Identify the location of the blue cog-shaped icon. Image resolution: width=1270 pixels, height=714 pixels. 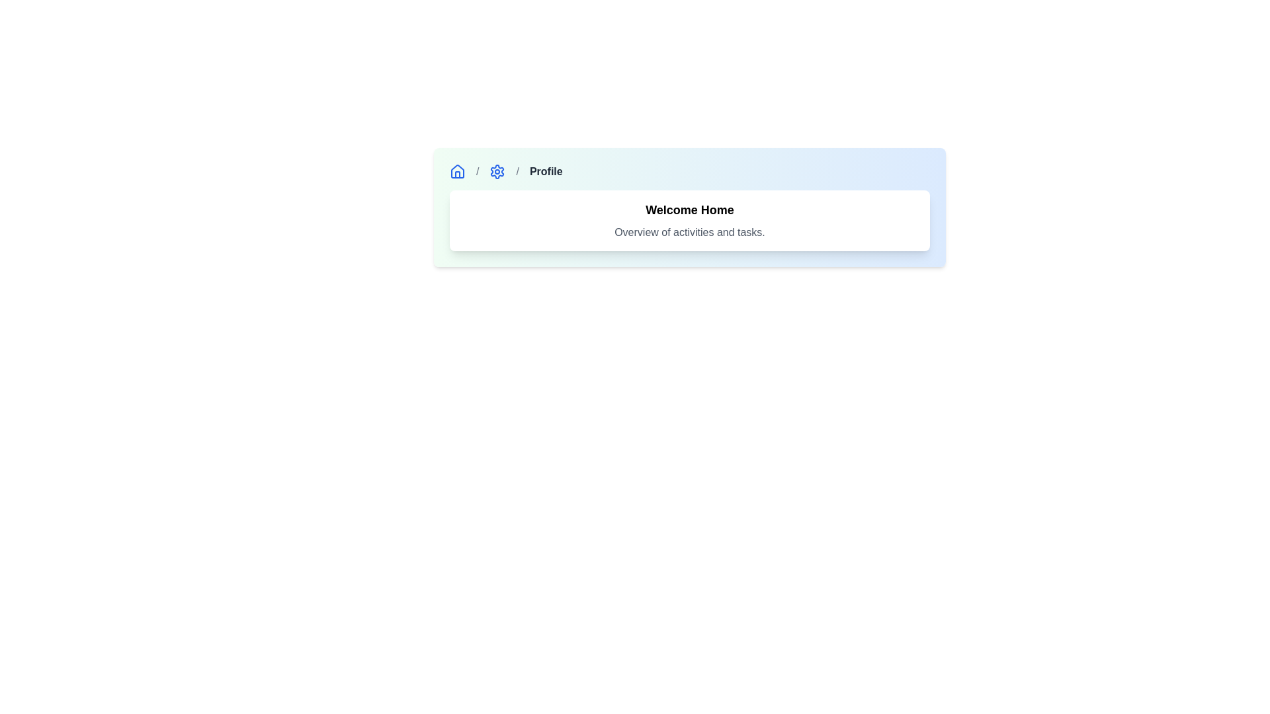
(497, 171).